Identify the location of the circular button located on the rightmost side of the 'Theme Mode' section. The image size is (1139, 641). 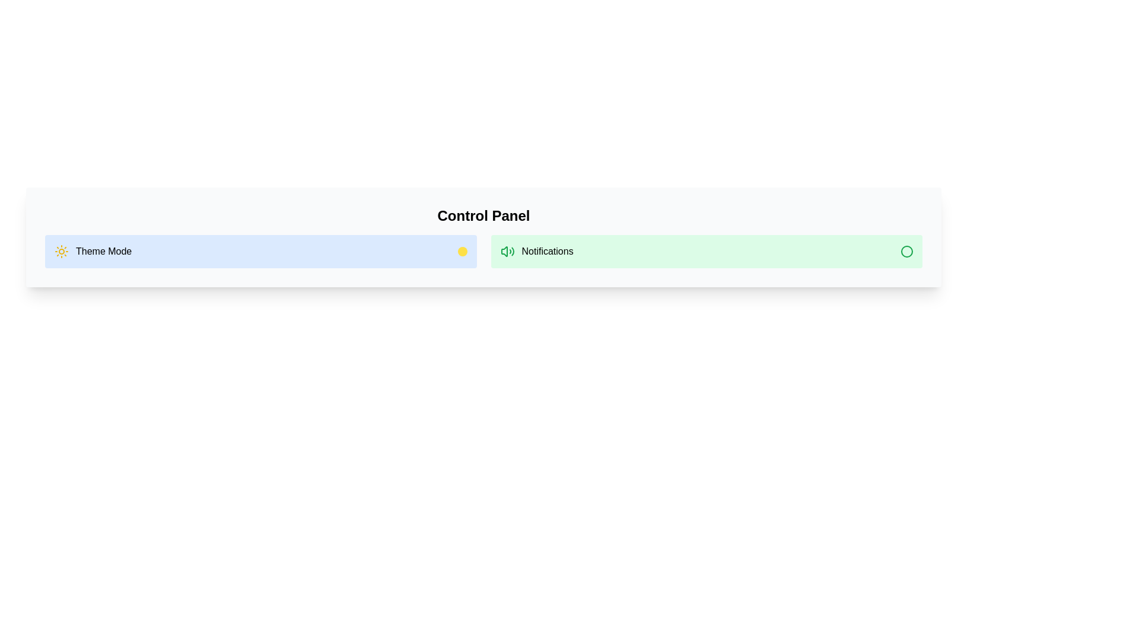
(462, 251).